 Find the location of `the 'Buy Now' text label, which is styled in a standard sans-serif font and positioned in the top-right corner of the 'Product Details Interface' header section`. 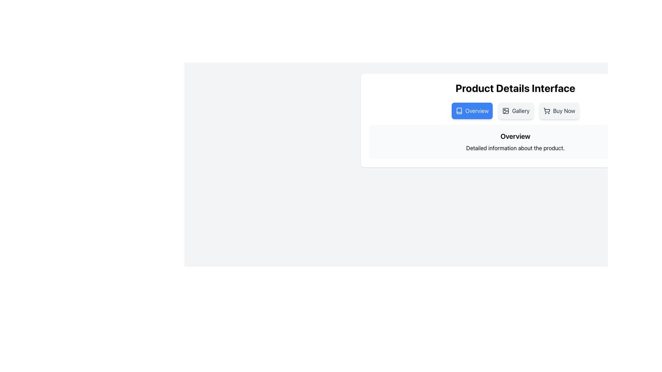

the 'Buy Now' text label, which is styled in a standard sans-serif font and positioned in the top-right corner of the 'Product Details Interface' header section is located at coordinates (564, 110).